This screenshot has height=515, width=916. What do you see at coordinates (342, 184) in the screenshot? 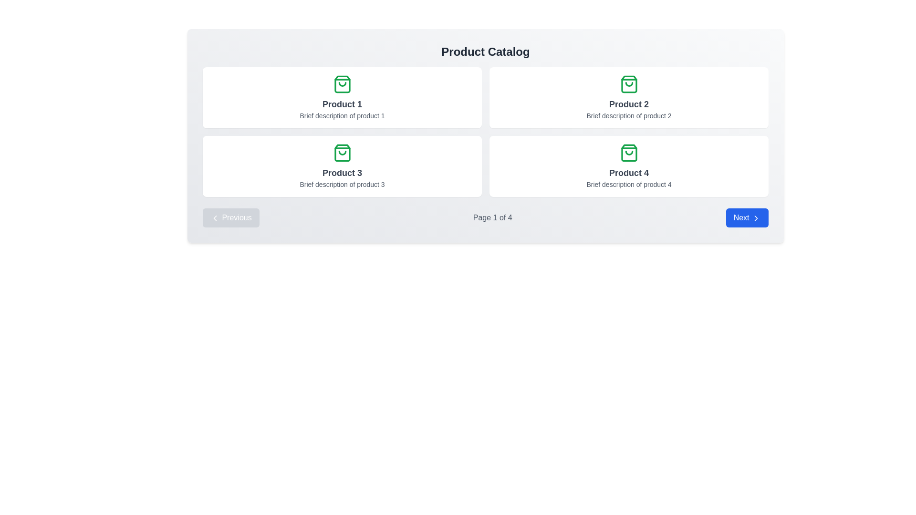
I see `text displayed in the text label that shows 'Brief description of product 3', located beneath the title 'Product 3' in the third product card` at bounding box center [342, 184].